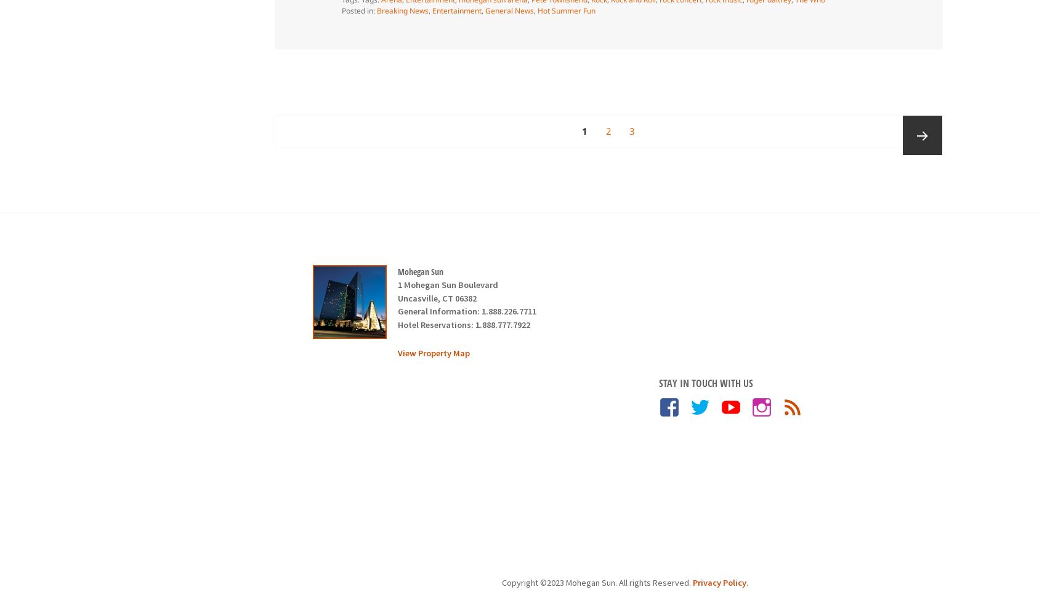  What do you see at coordinates (608, 130) in the screenshot?
I see `'2'` at bounding box center [608, 130].